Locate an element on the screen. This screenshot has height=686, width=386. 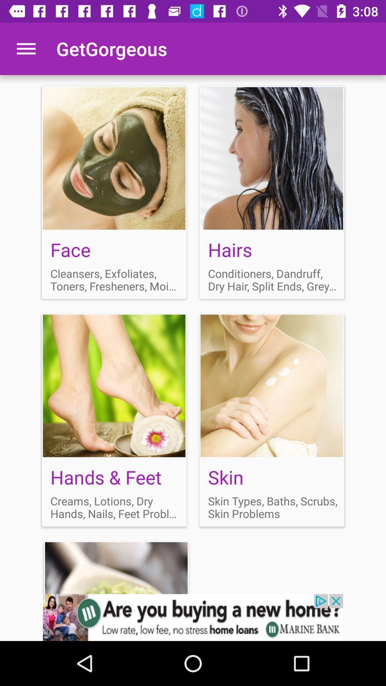
to select options related to skin is located at coordinates (272, 420).